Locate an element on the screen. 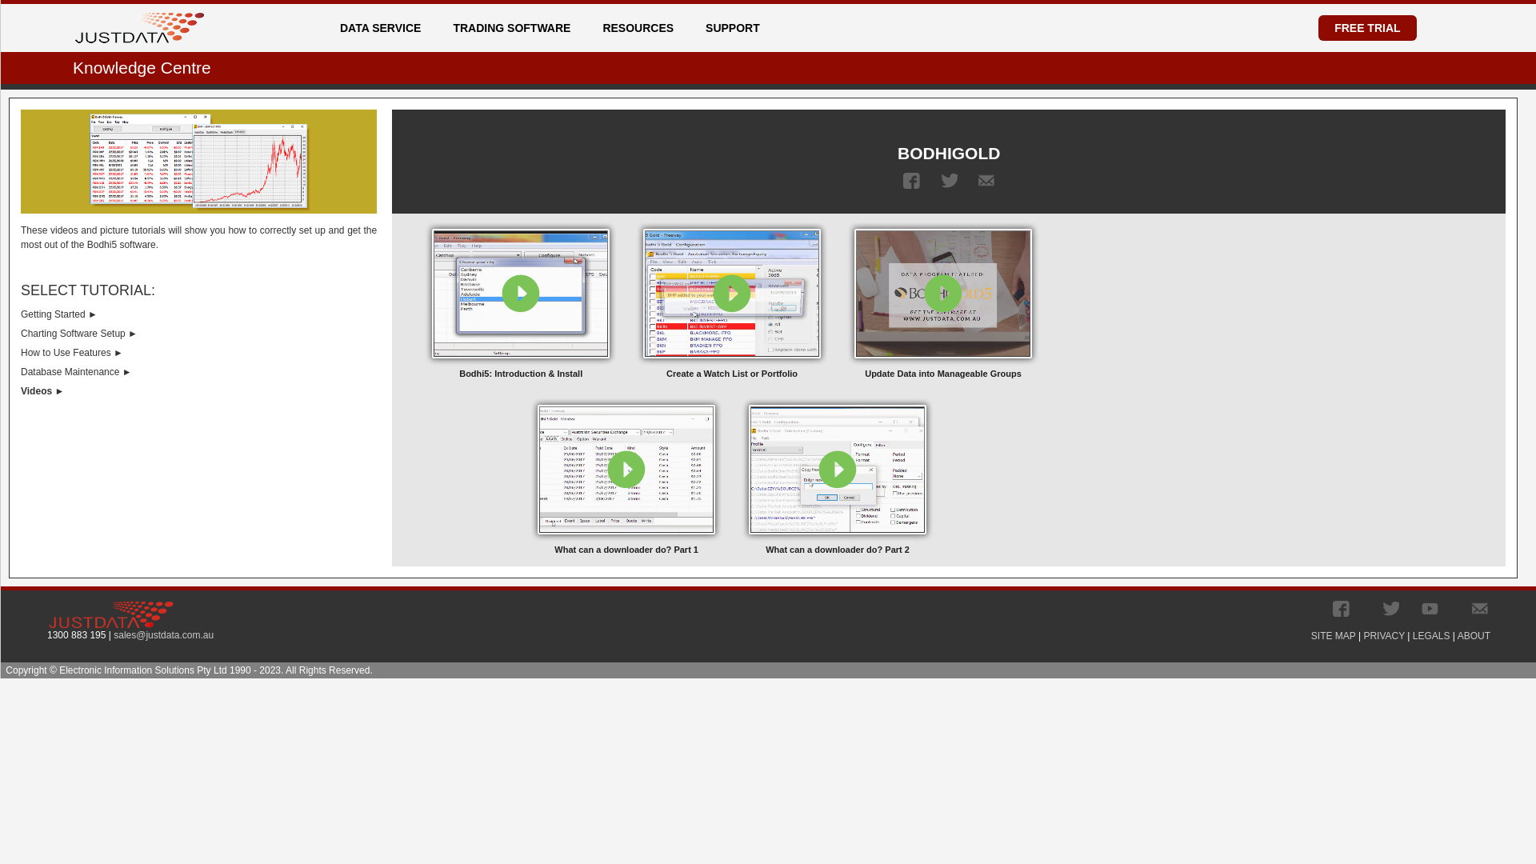 The width and height of the screenshot is (1536, 864). 'LEGALS' is located at coordinates (1431, 634).